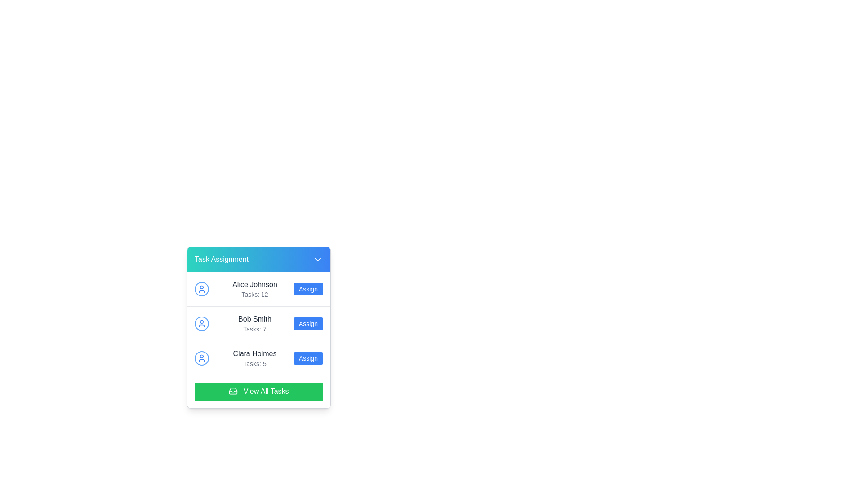 Image resolution: width=863 pixels, height=485 pixels. I want to click on the user icon representing 'Bob Smith' located at the start of the row labeled 'Bob Smith Tasks: 7', so click(201, 324).